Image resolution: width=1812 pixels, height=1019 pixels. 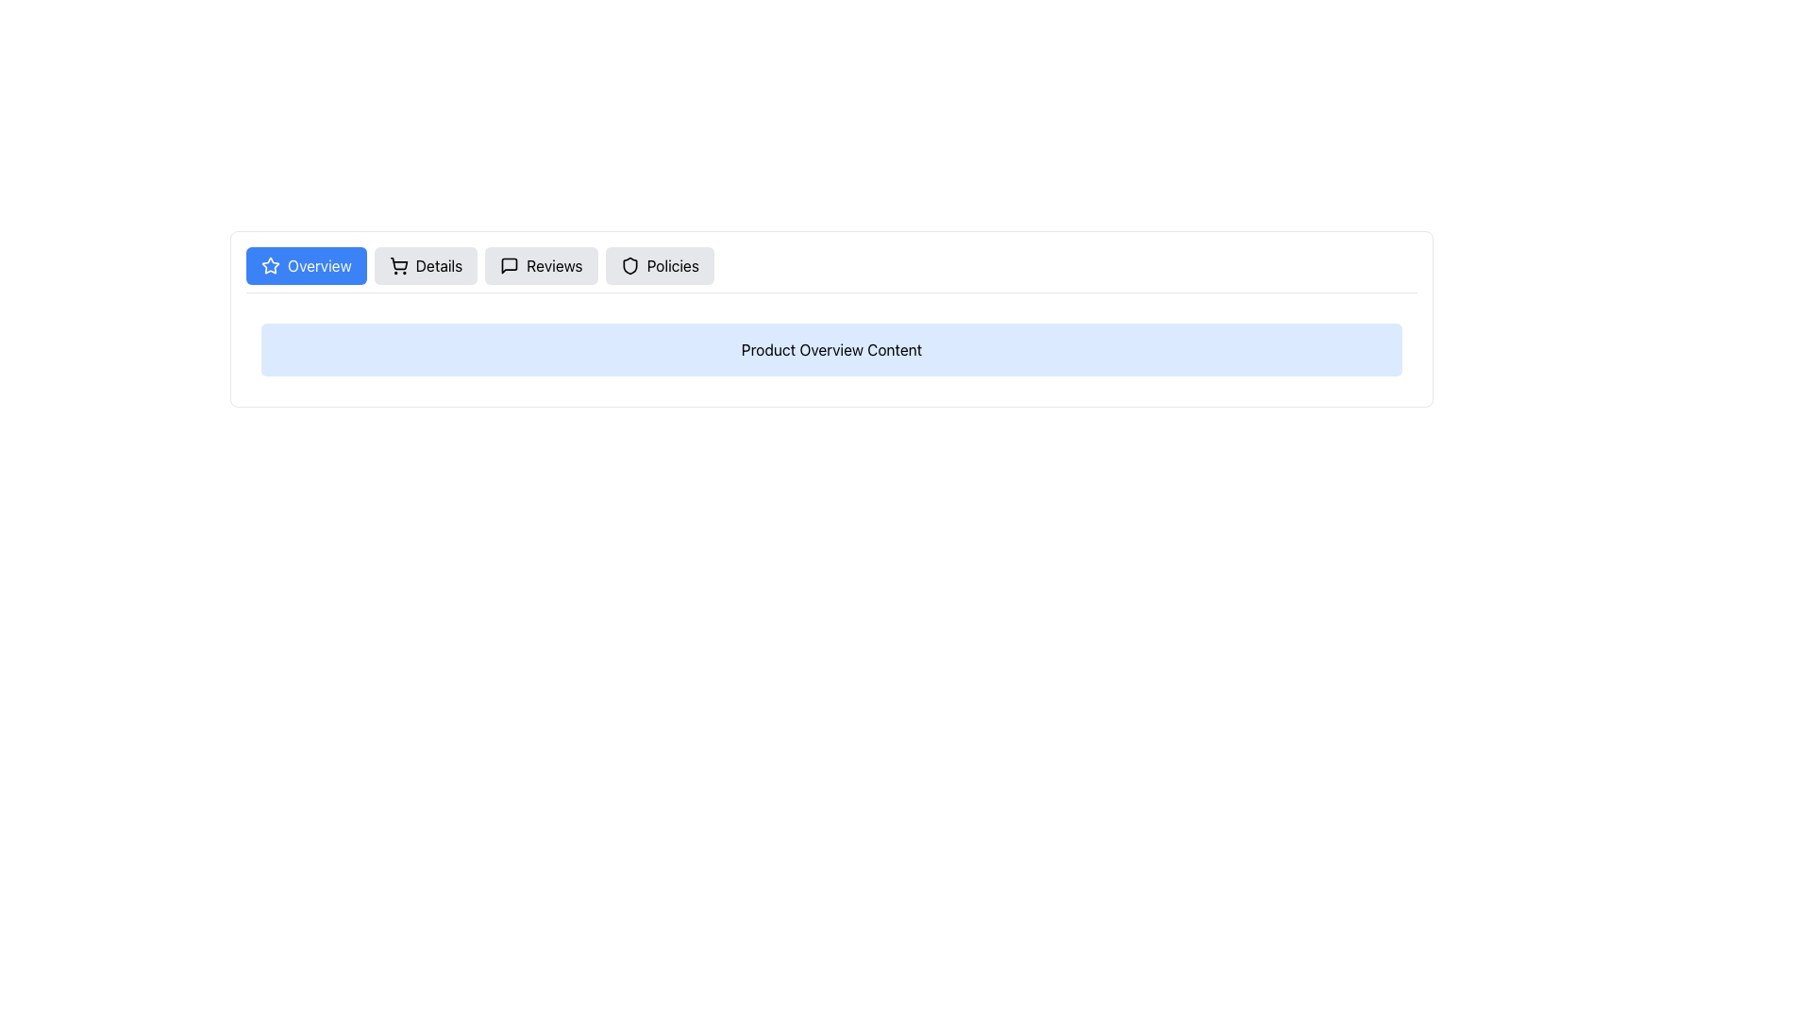 What do you see at coordinates (397, 265) in the screenshot?
I see `the shopping cart icon located within the 'Details' button, which is adjacent to the text label 'Details'` at bounding box center [397, 265].